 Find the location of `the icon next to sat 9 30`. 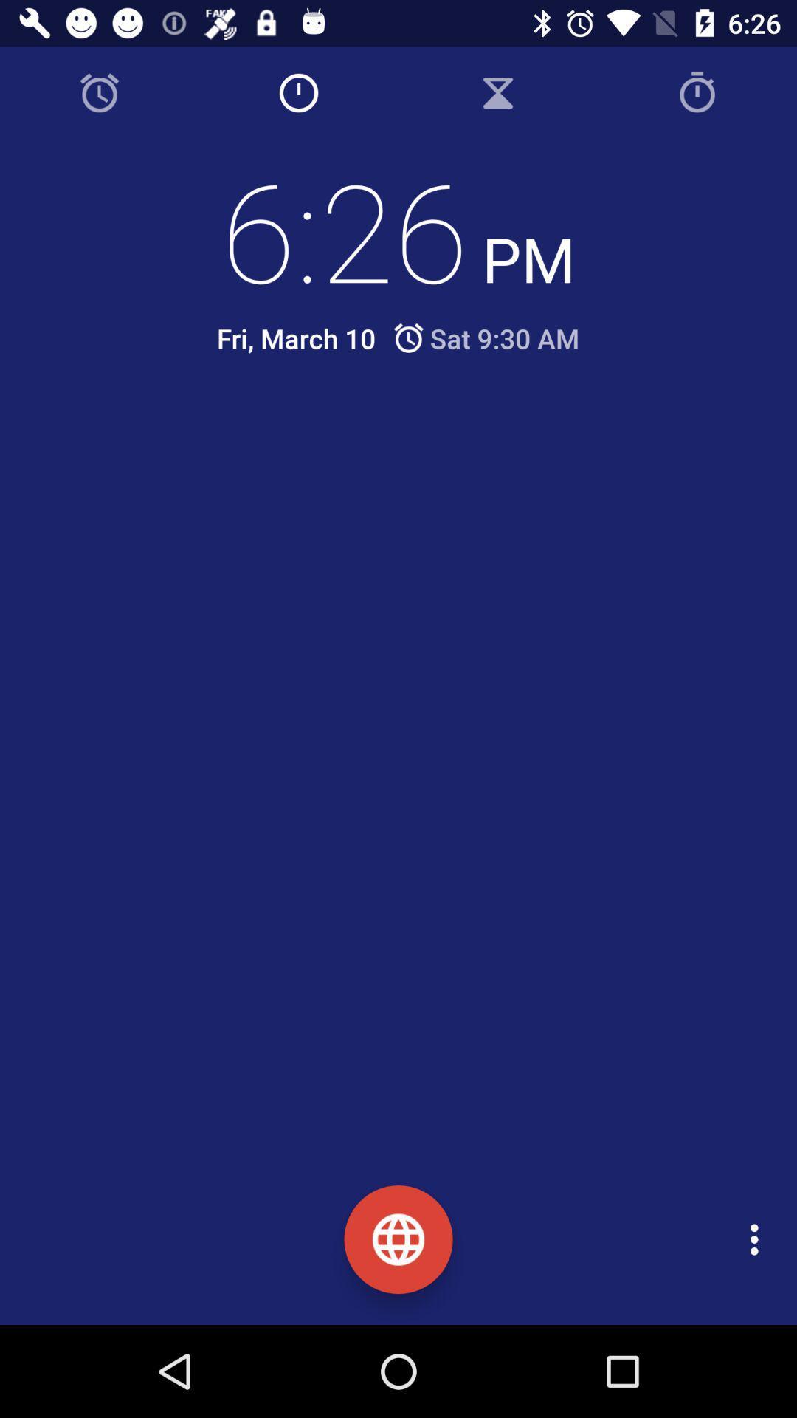

the icon next to sat 9 30 is located at coordinates (296, 338).